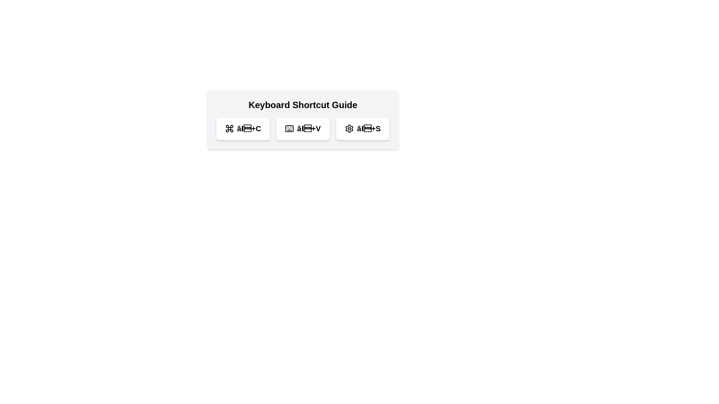  What do you see at coordinates (363, 128) in the screenshot?
I see `the third button from the left, which has a rounded rectangular shape, a white background, a gear icon, and the text 'â+S'` at bounding box center [363, 128].